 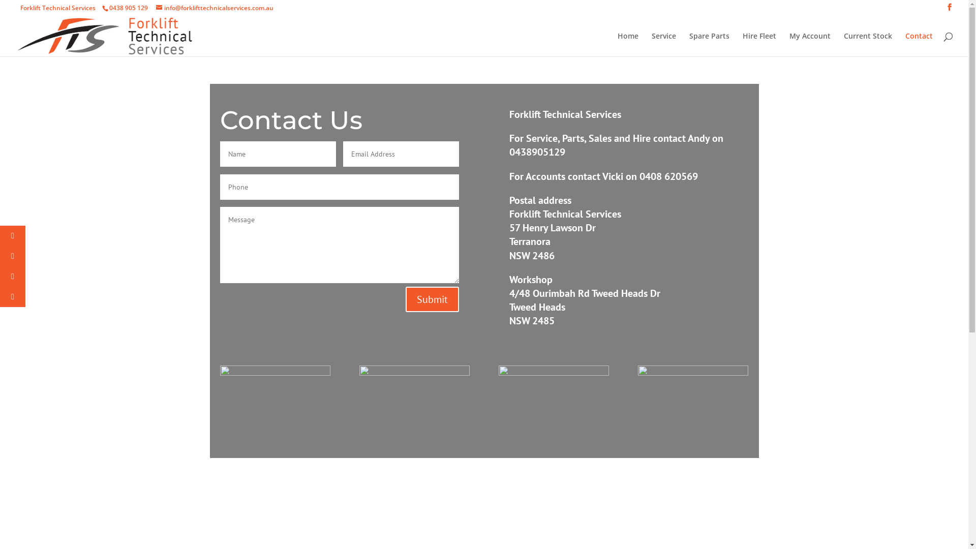 I want to click on 'Image-4 (2)', so click(x=414, y=372).